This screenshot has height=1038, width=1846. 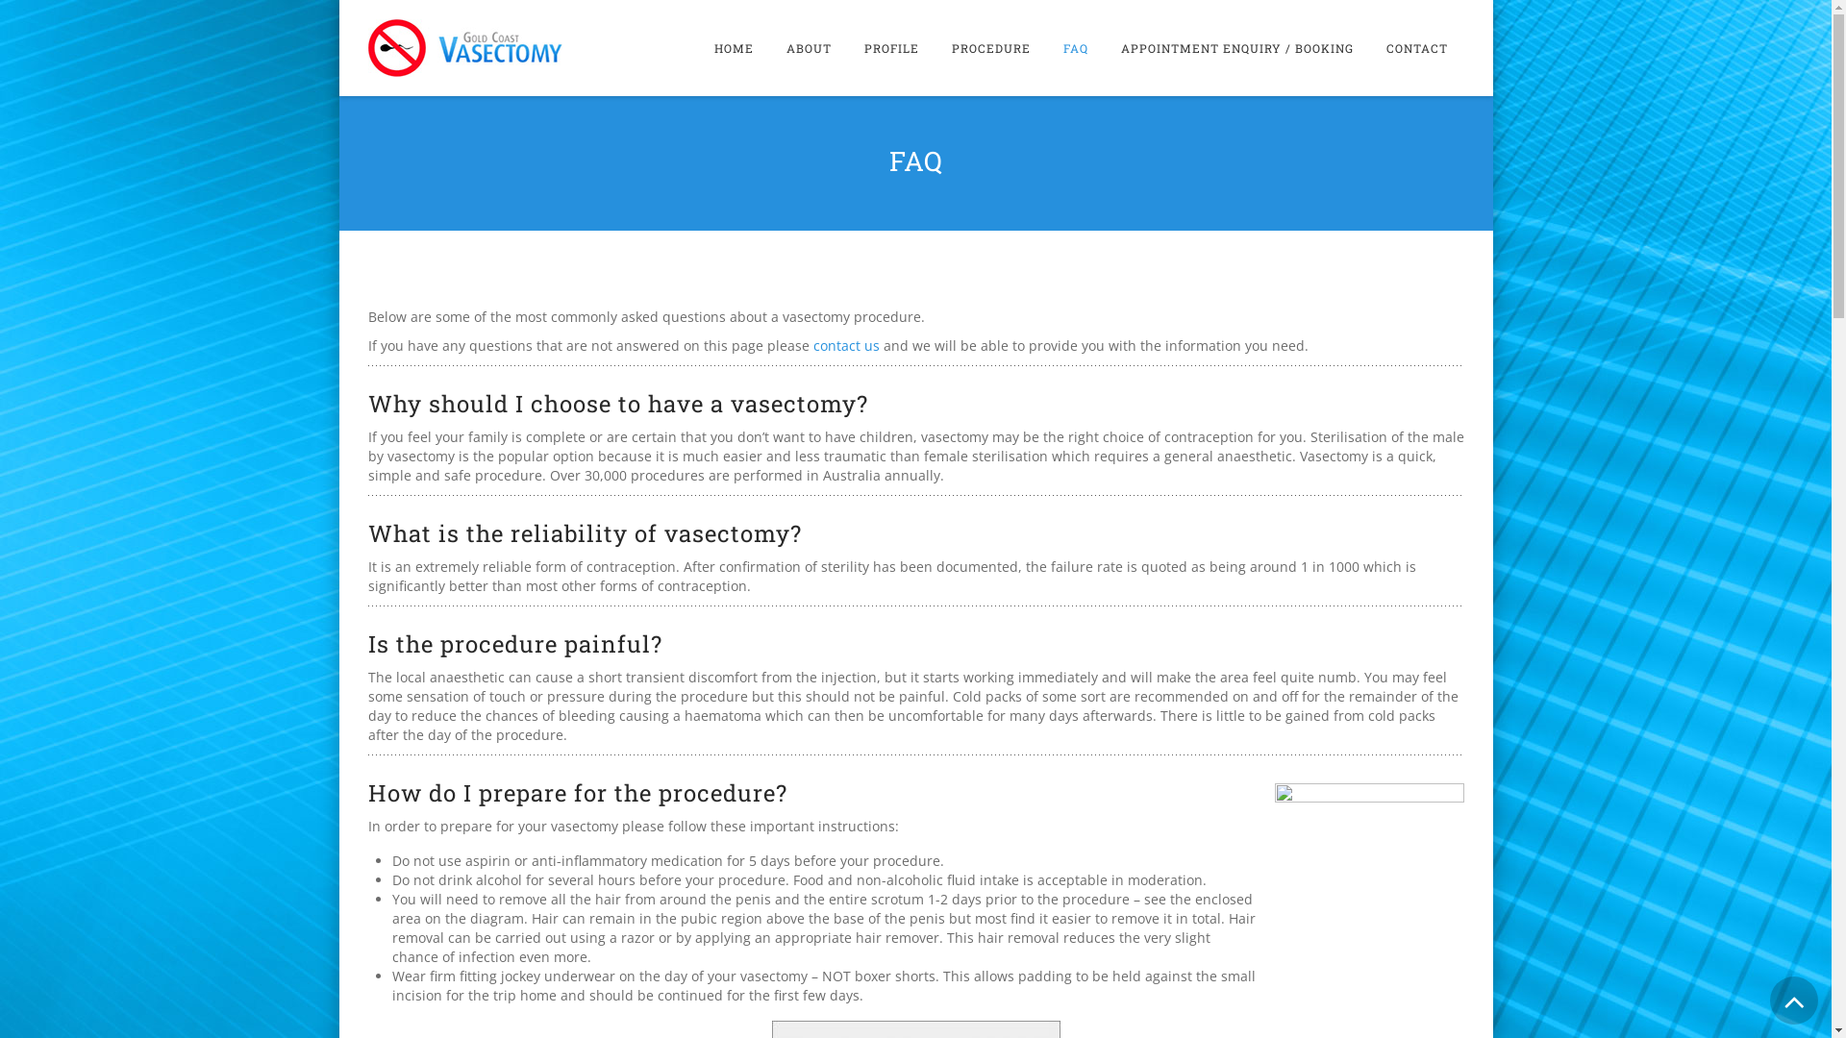 What do you see at coordinates (890, 47) in the screenshot?
I see `'PROFILE'` at bounding box center [890, 47].